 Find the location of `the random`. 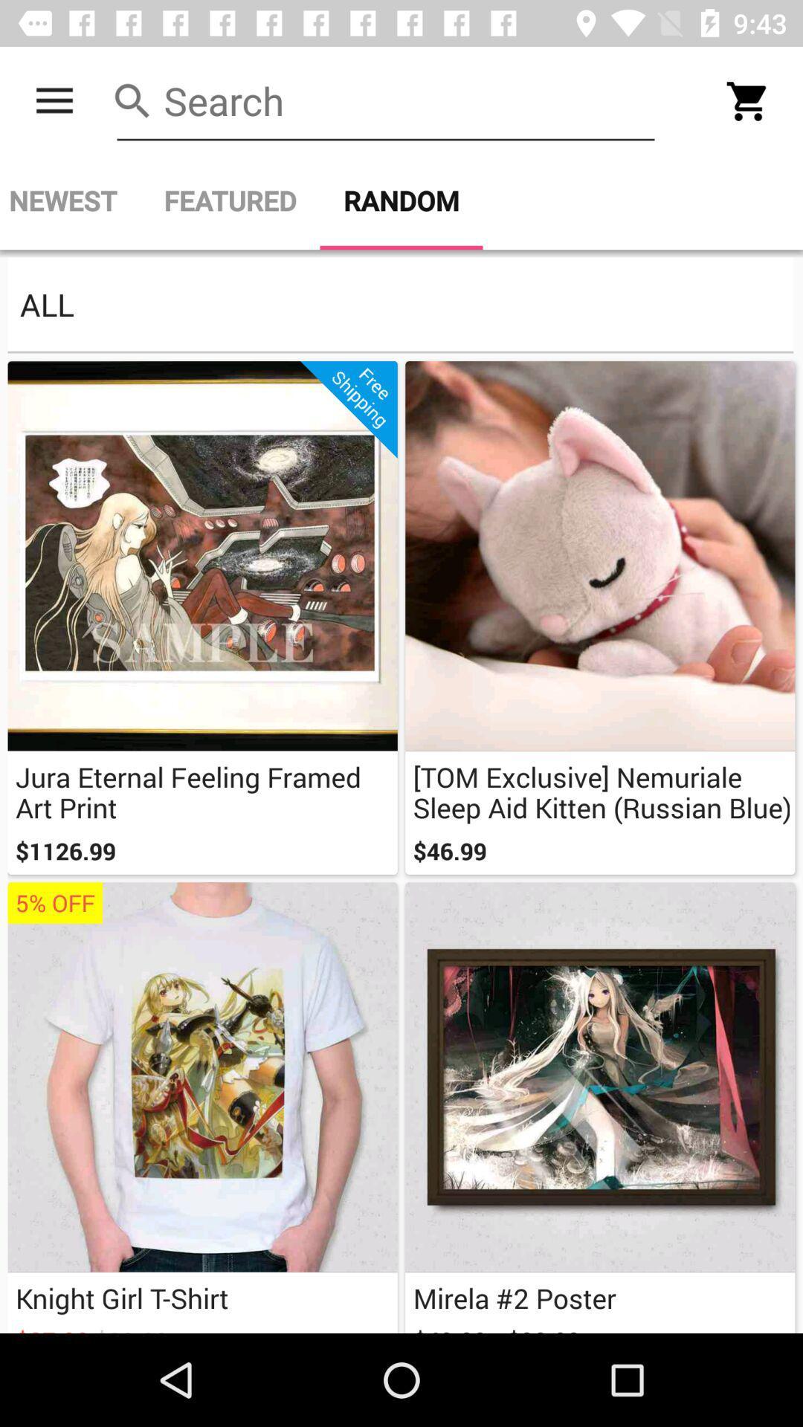

the random is located at coordinates (401, 200).